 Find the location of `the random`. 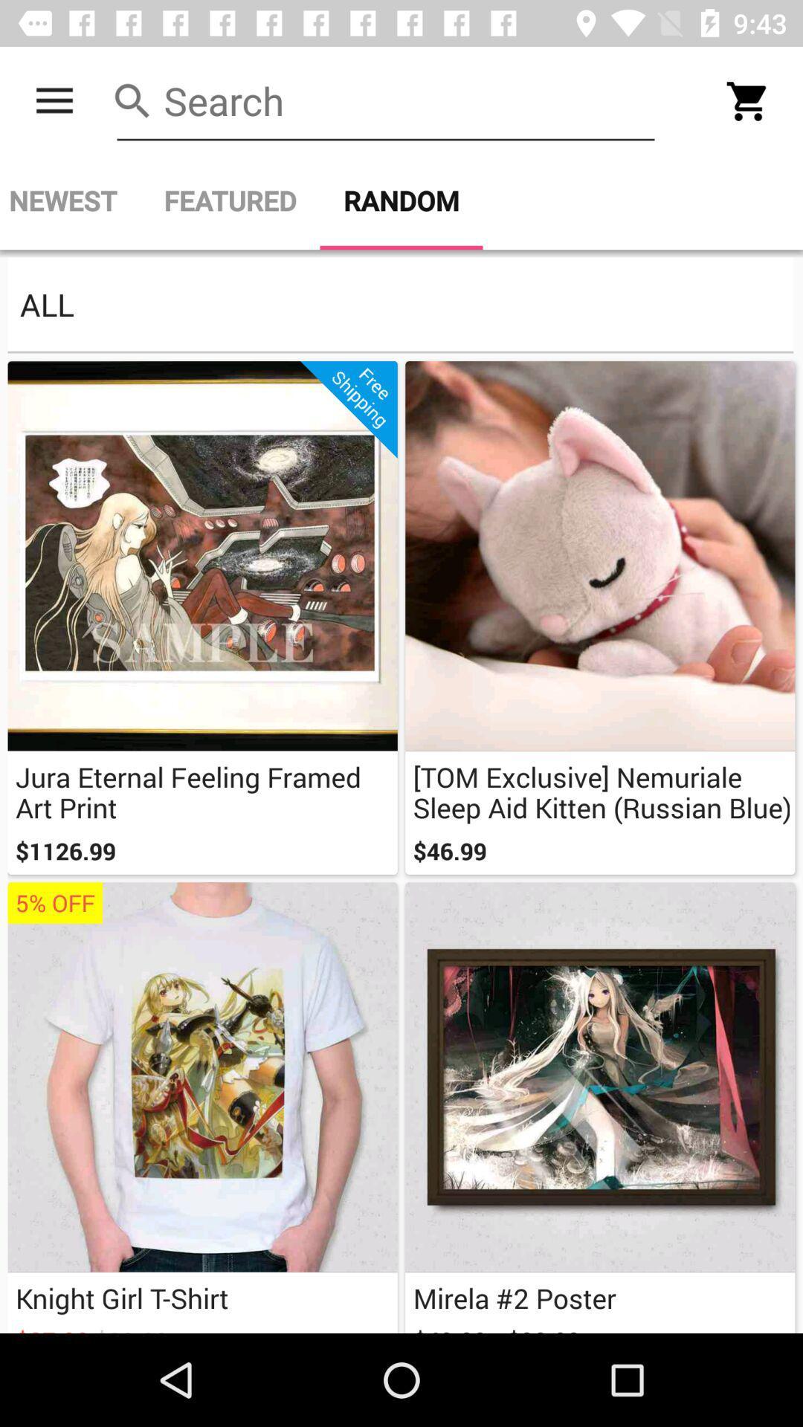

the random is located at coordinates (401, 200).